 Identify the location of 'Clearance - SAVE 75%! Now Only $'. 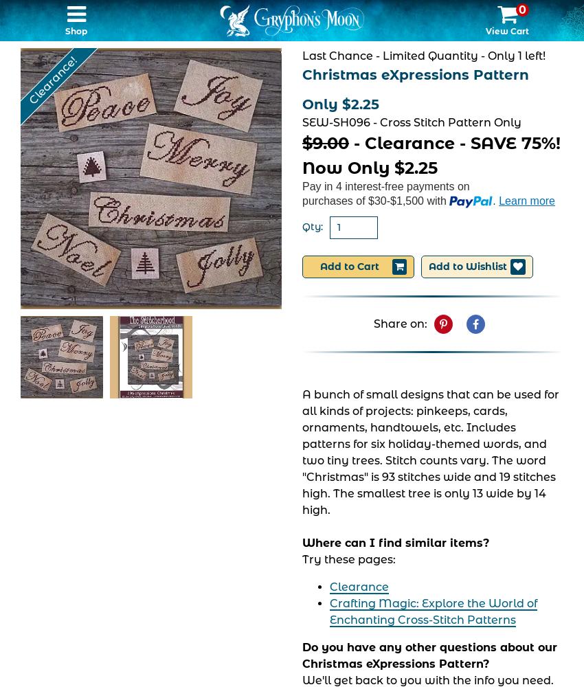
(430, 155).